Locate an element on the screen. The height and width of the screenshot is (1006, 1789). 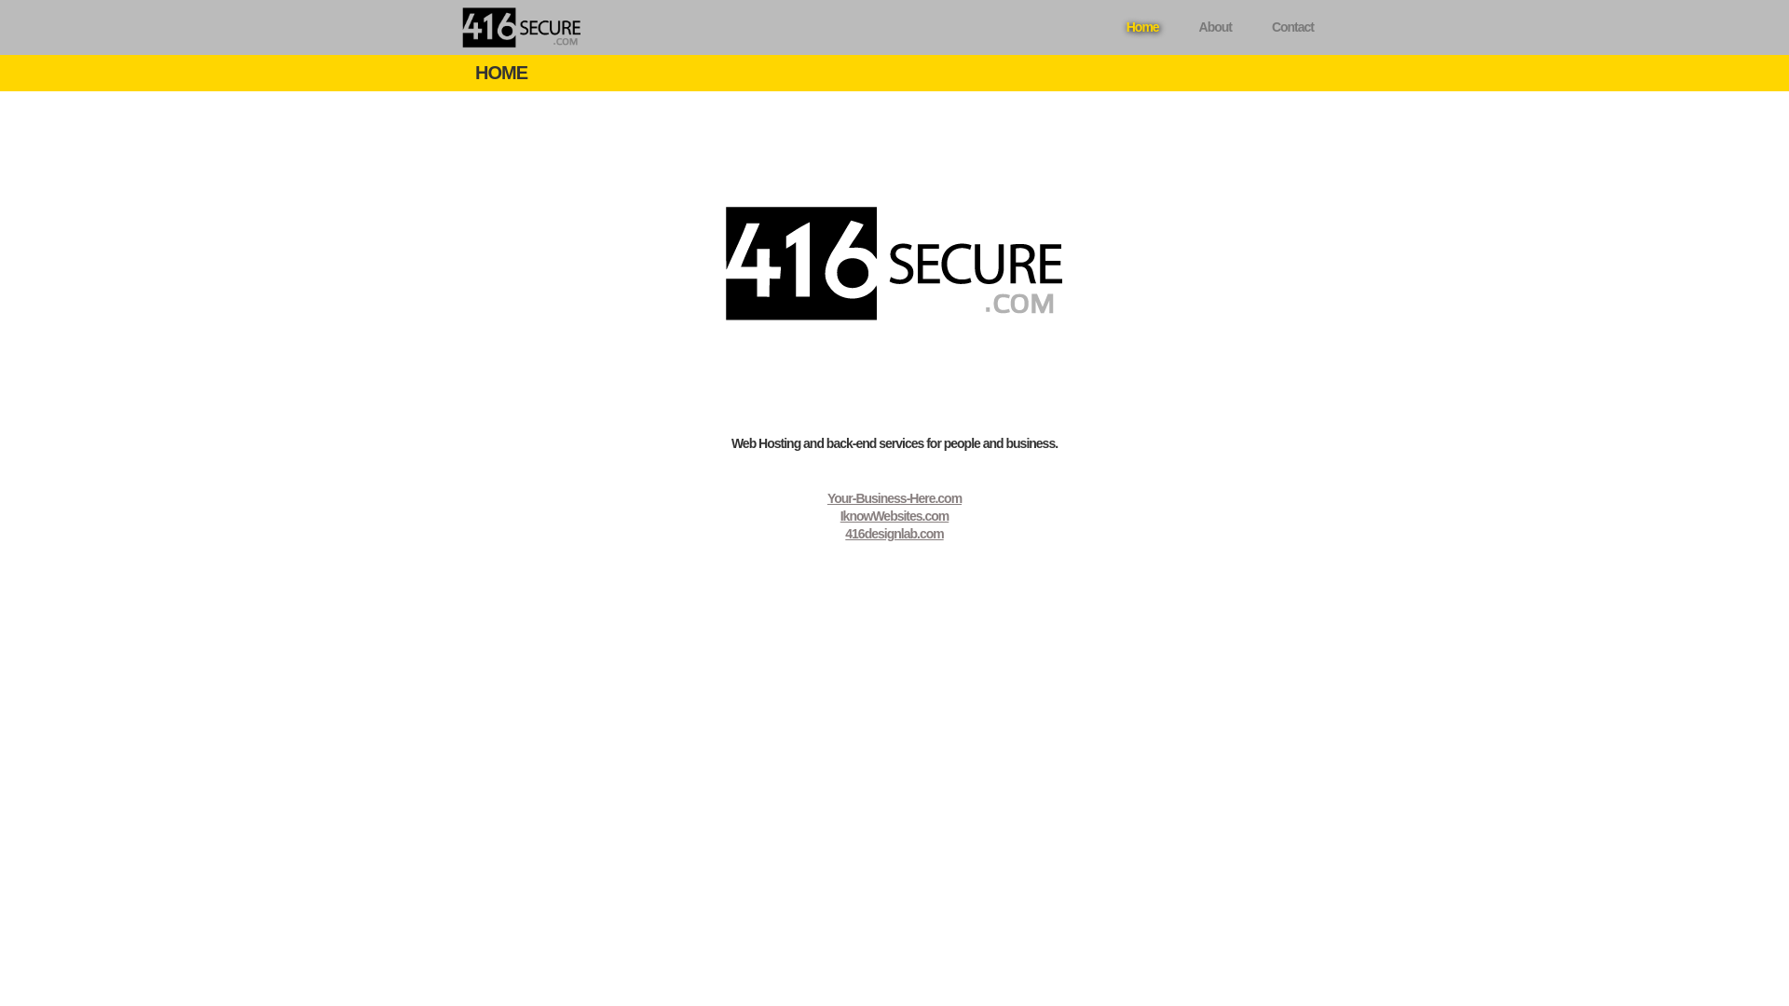
'Contact' is located at coordinates (1291, 27).